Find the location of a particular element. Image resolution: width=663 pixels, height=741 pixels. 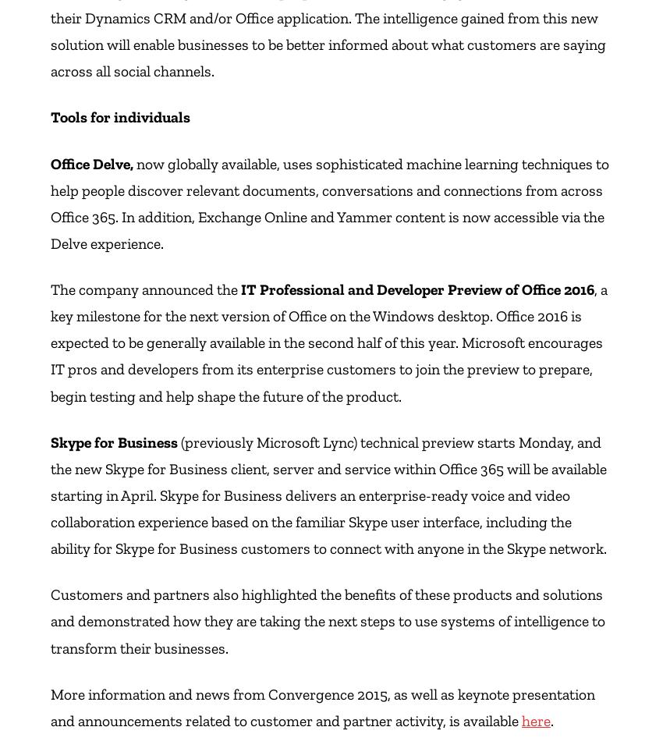

'Tools for individuals' is located at coordinates (51, 117).